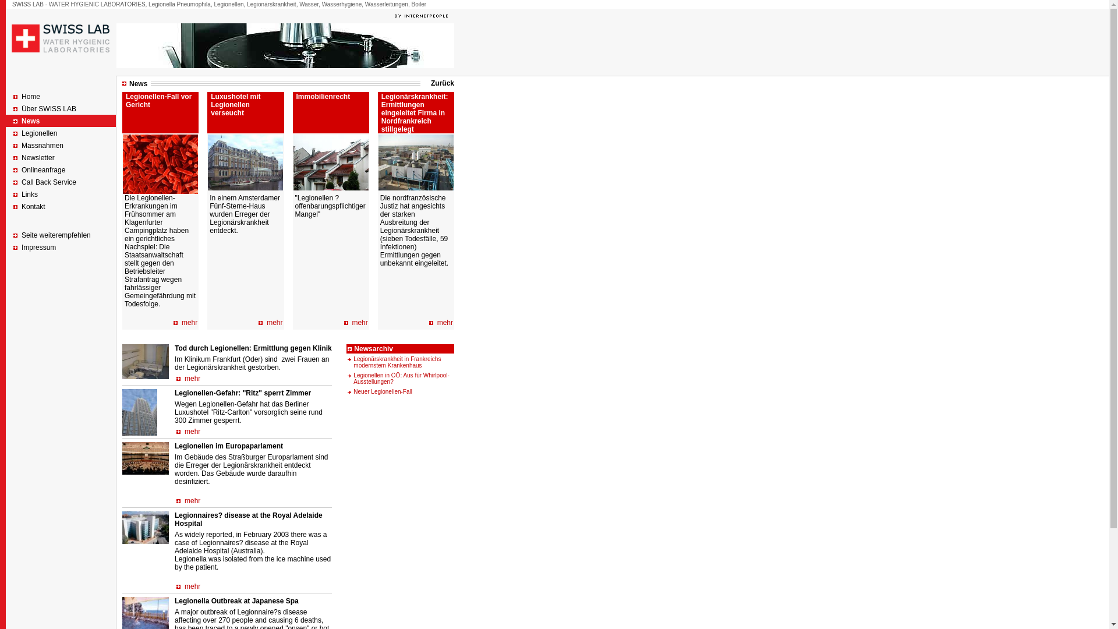 The height and width of the screenshot is (629, 1118). What do you see at coordinates (192, 500) in the screenshot?
I see `'mehr'` at bounding box center [192, 500].